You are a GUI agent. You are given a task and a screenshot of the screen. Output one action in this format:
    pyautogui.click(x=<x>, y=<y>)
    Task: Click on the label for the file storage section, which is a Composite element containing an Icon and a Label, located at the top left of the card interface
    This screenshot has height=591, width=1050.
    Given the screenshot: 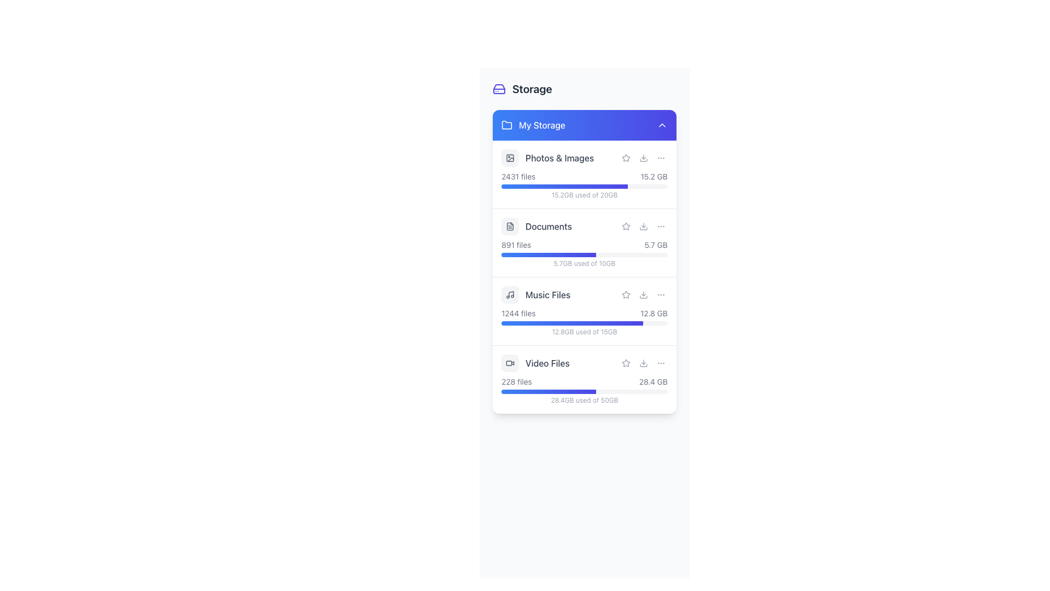 What is the action you would take?
    pyautogui.click(x=533, y=124)
    